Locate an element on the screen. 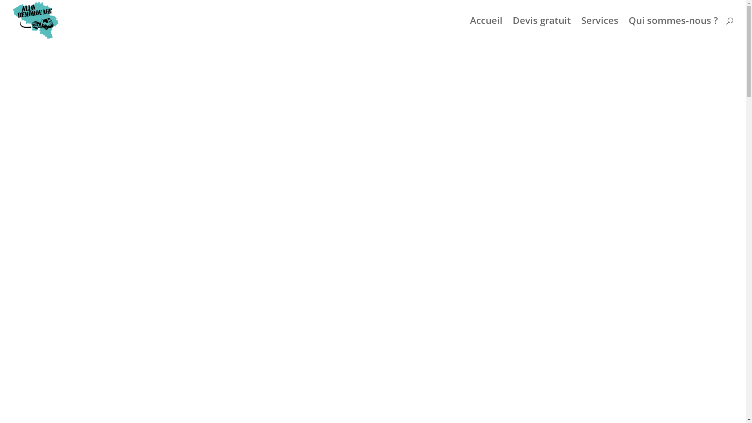  'Qui sommes-nous ?' is located at coordinates (672, 29).